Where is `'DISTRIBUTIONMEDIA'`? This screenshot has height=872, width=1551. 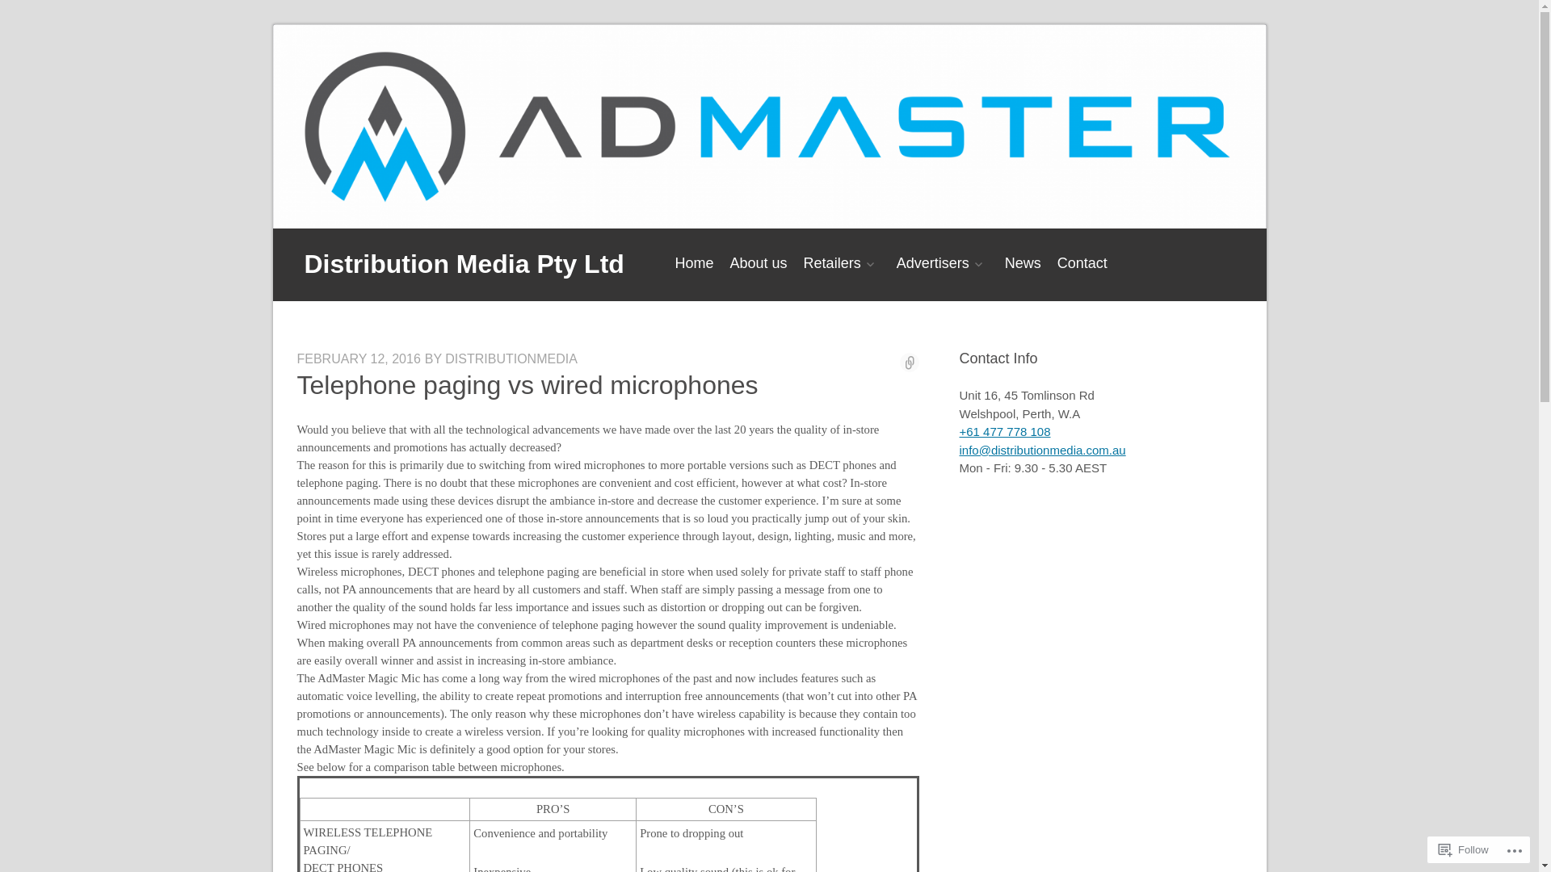 'DISTRIBUTIONMEDIA' is located at coordinates (511, 358).